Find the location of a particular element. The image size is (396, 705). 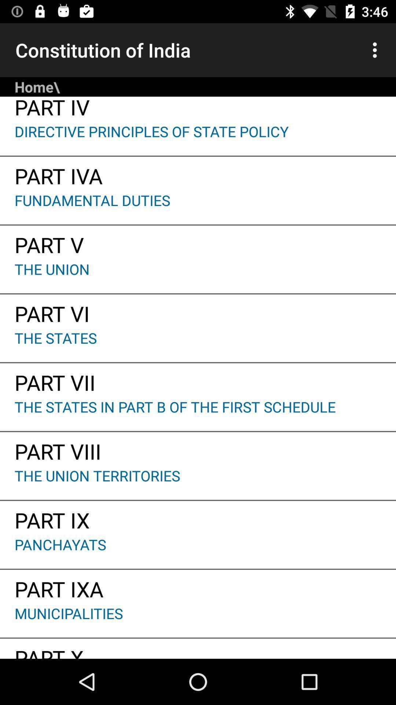

the icon above fundamental duties is located at coordinates (198, 173).